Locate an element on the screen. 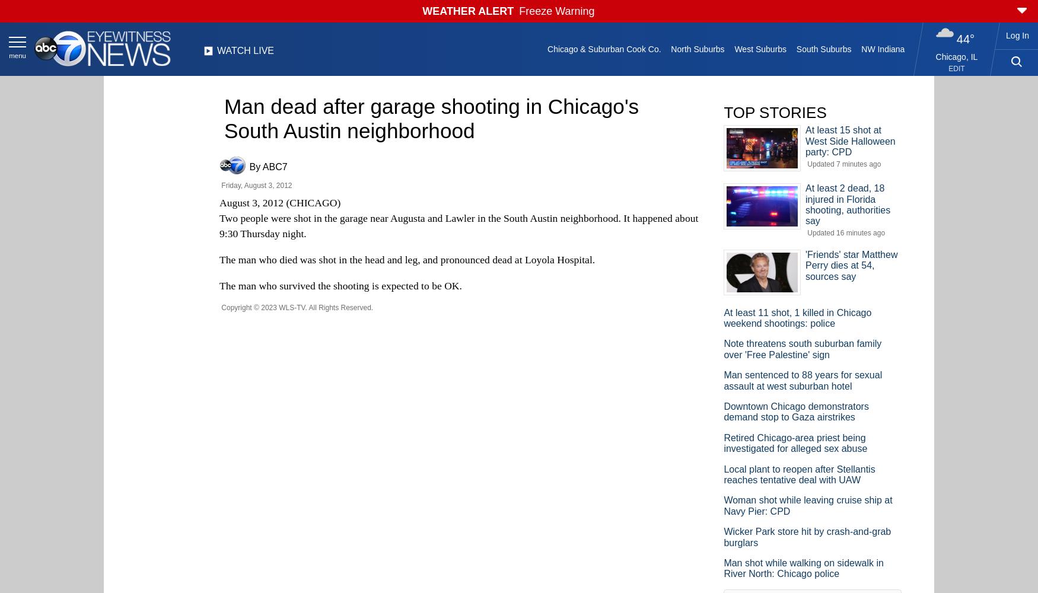 This screenshot has height=593, width=1038. 'At least 2 dead, 18 injured in Florida shooting, authorities say' is located at coordinates (847, 204).